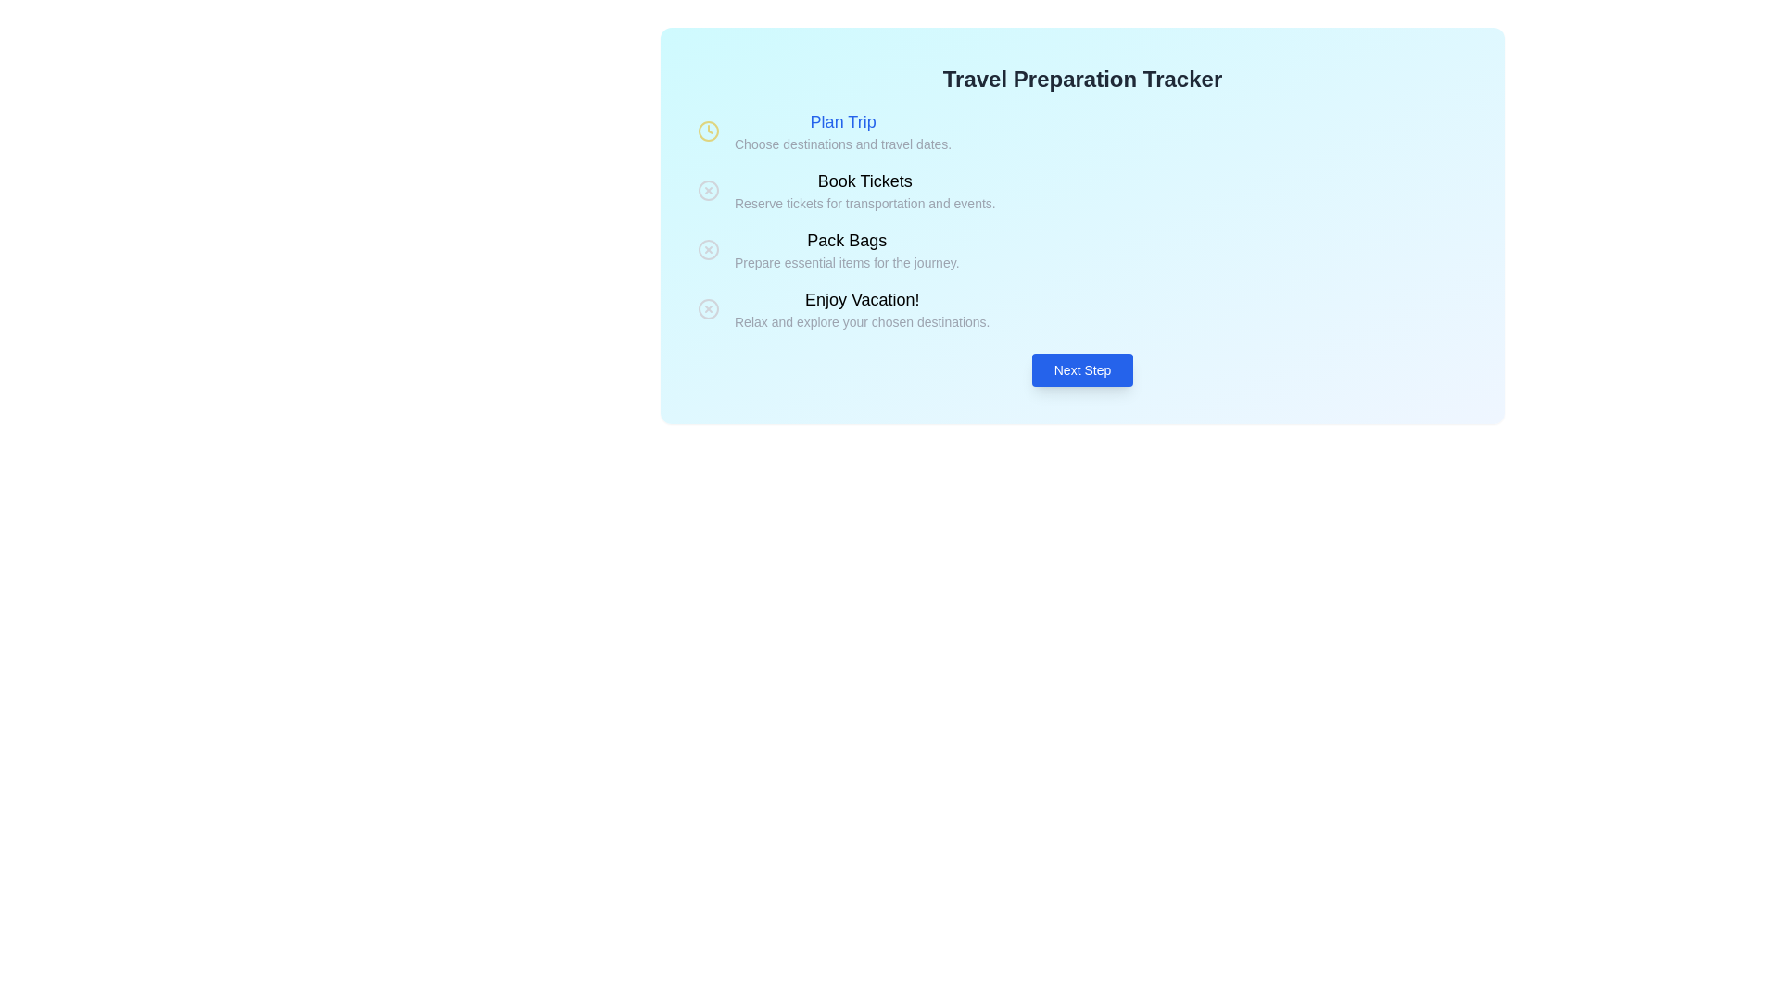 This screenshot has height=1000, width=1779. I want to click on the text block titled 'Book Tickets' which provides a subtitle for reserving tickets for transportation and events, located under the 'Travel Preparation Tracker' section, so click(864, 190).